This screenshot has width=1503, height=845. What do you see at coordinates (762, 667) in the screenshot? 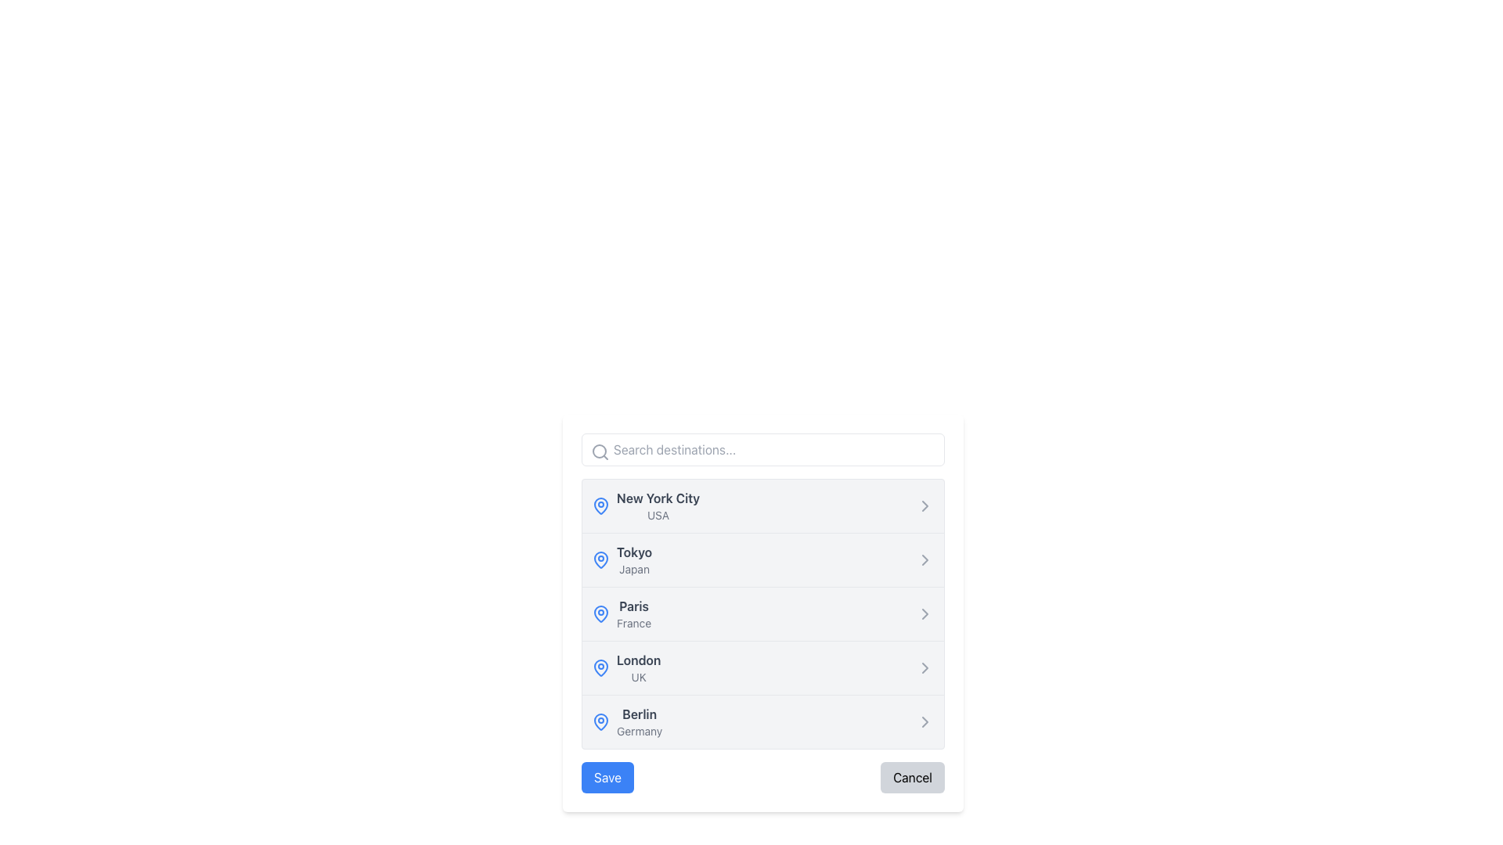
I see `the fourth list item labeled 'London, UK'` at bounding box center [762, 667].